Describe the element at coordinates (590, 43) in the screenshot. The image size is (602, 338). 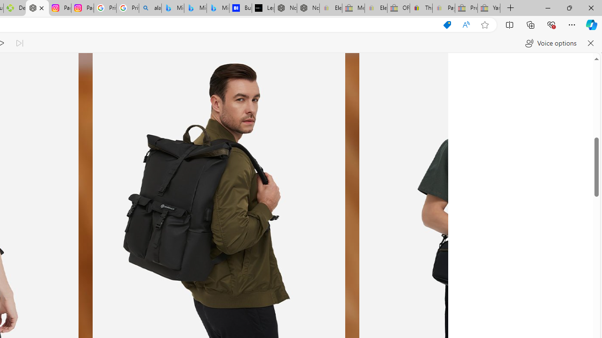
I see `'Close read aloud'` at that location.